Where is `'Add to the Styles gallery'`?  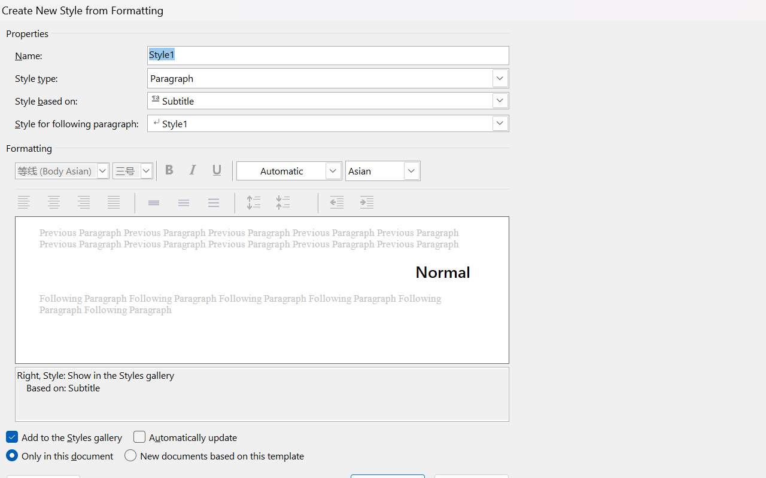 'Add to the Styles gallery' is located at coordinates (64, 437).